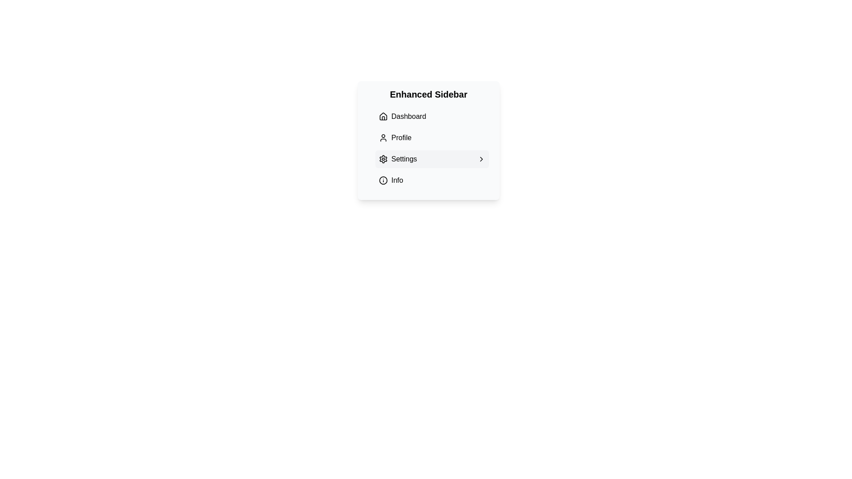 This screenshot has width=852, height=479. Describe the element at coordinates (481, 158) in the screenshot. I see `the chevron-arrow icon next to the 'Settings' text item in the sidebar menu, which indicates a nested submenu` at that location.